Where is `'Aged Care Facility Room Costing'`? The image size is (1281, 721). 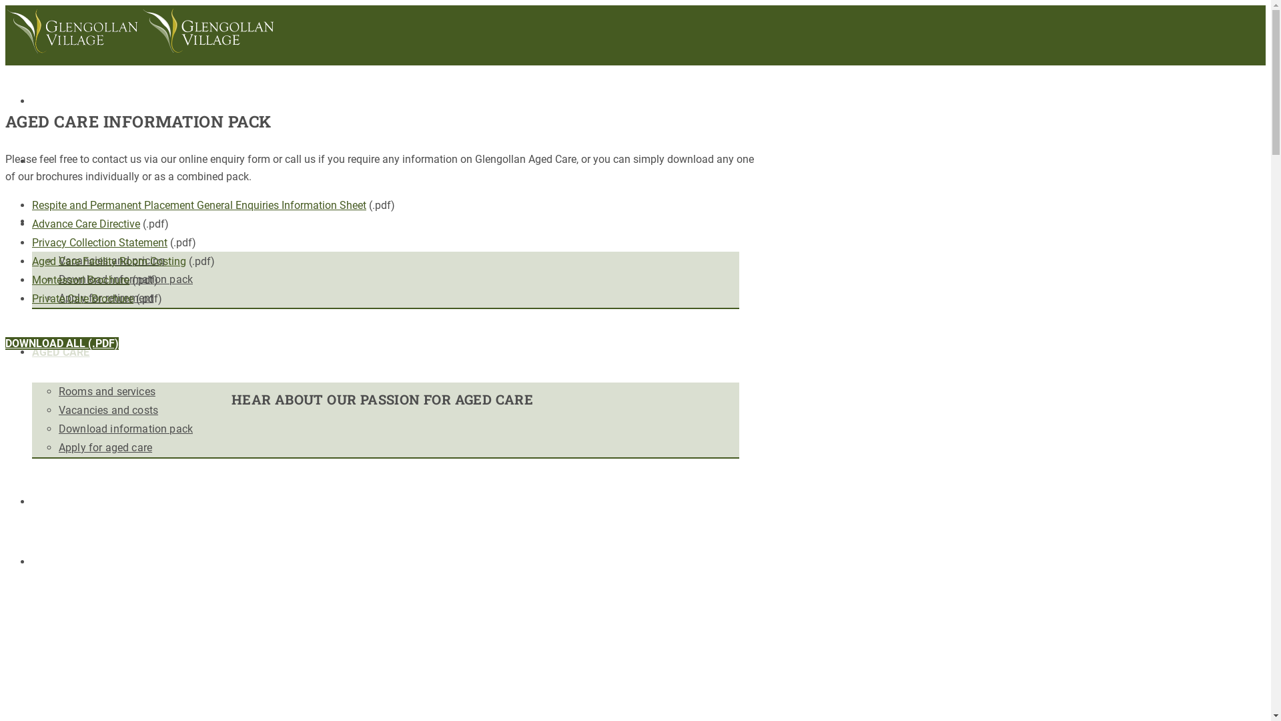 'Aged Care Facility Room Costing' is located at coordinates (109, 261).